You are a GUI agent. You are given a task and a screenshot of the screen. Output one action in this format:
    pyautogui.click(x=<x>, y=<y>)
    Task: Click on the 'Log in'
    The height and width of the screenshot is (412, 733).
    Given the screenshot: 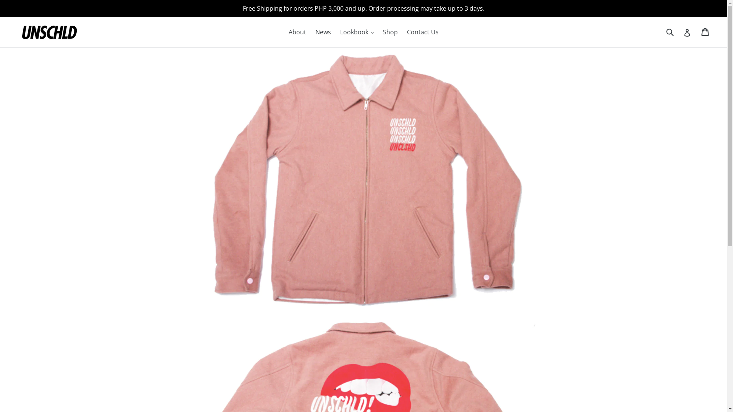 What is the action you would take?
    pyautogui.click(x=683, y=32)
    